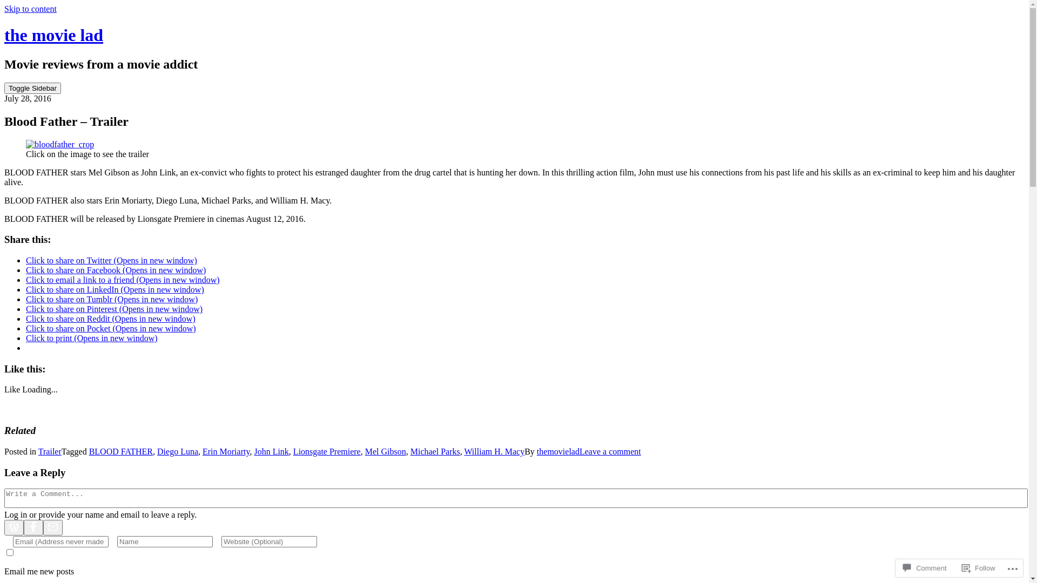 The width and height of the screenshot is (1037, 583). Describe the element at coordinates (924, 567) in the screenshot. I see `'Comment'` at that location.